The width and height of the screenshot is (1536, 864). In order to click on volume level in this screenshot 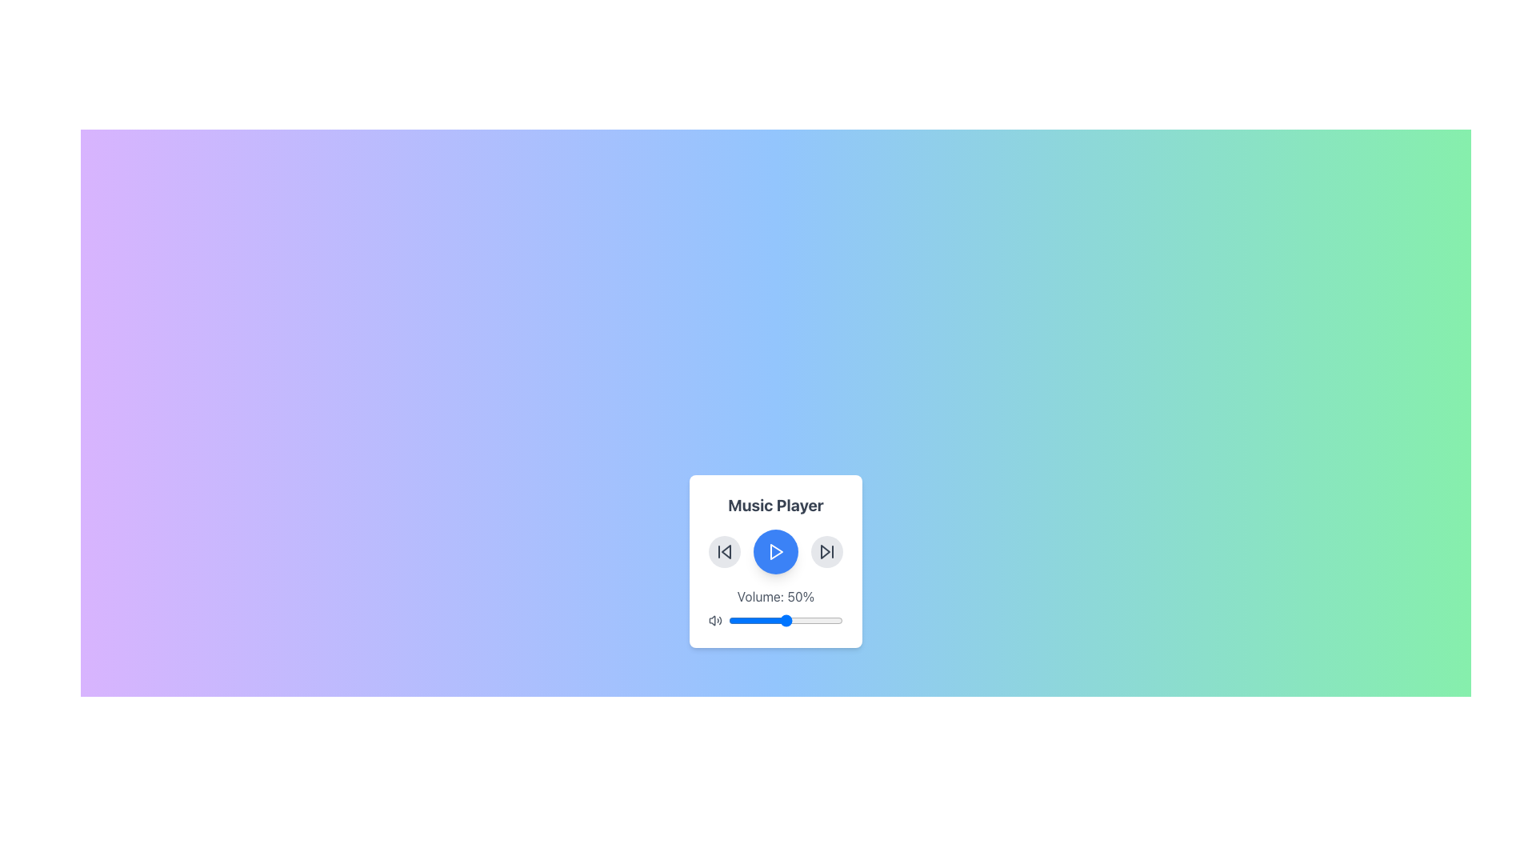, I will do `click(789, 619)`.